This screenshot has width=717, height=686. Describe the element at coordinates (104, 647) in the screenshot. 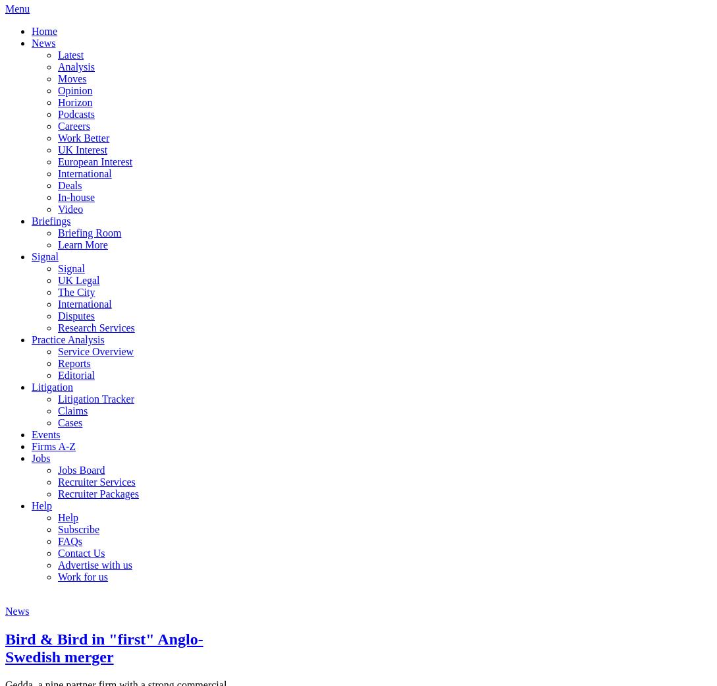

I see `'Bird & Bird in "first" Anglo-Swedish merger'` at that location.